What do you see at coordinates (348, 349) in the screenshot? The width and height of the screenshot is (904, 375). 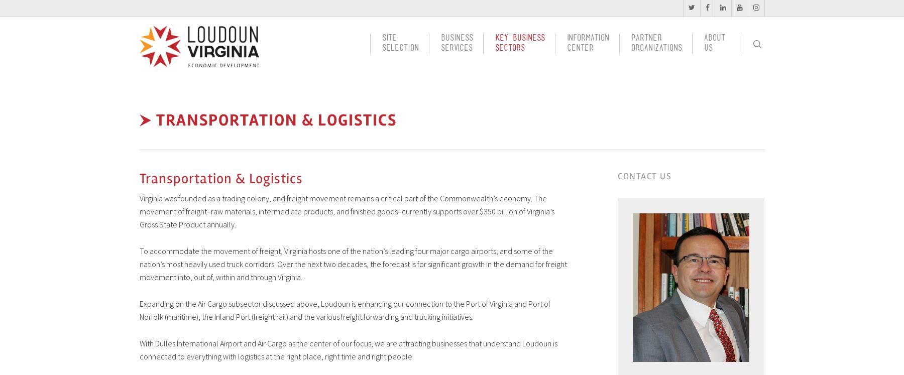 I see `'With Dulles International Airport and Air Cargo as the center of our focus, we are attracting businesses that understand Loudoun is connected to everything with logistics at the right place, right time and right people.'` at bounding box center [348, 349].